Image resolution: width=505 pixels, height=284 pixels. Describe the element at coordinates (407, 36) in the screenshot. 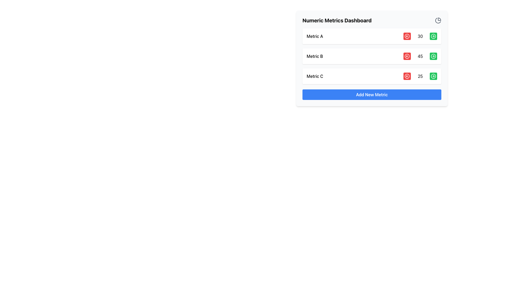

I see `the leftmost interactive button in the dashboard panel, which has a red background and is used to remove or undo recent operations, to trigger a tooltip or visual feedback` at that location.